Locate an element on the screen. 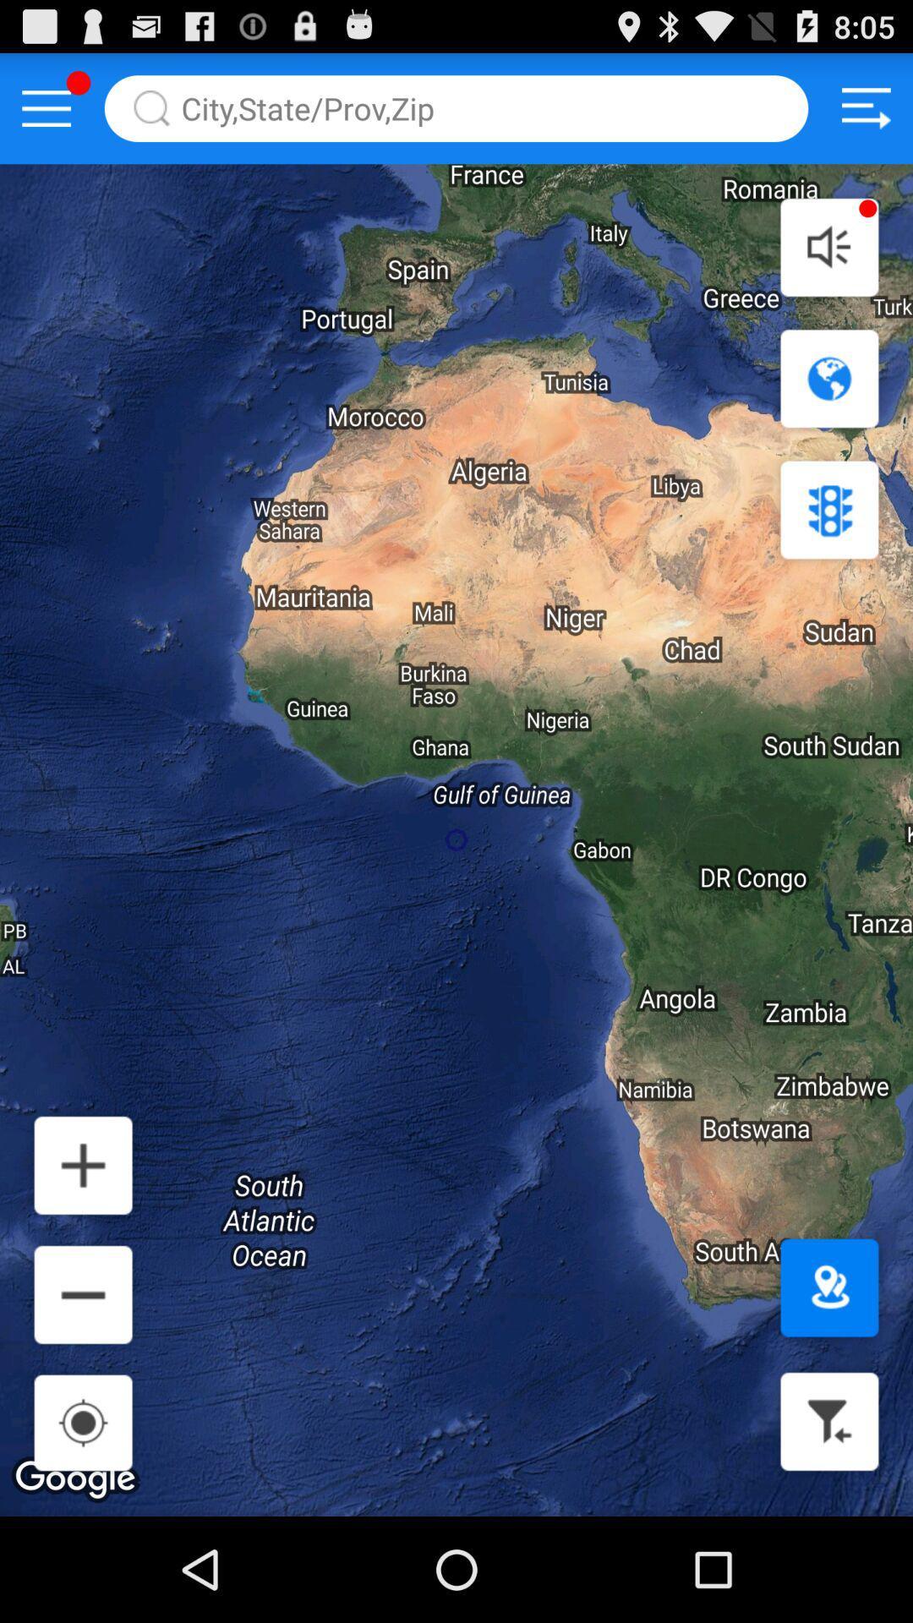  volume is located at coordinates (828, 246).